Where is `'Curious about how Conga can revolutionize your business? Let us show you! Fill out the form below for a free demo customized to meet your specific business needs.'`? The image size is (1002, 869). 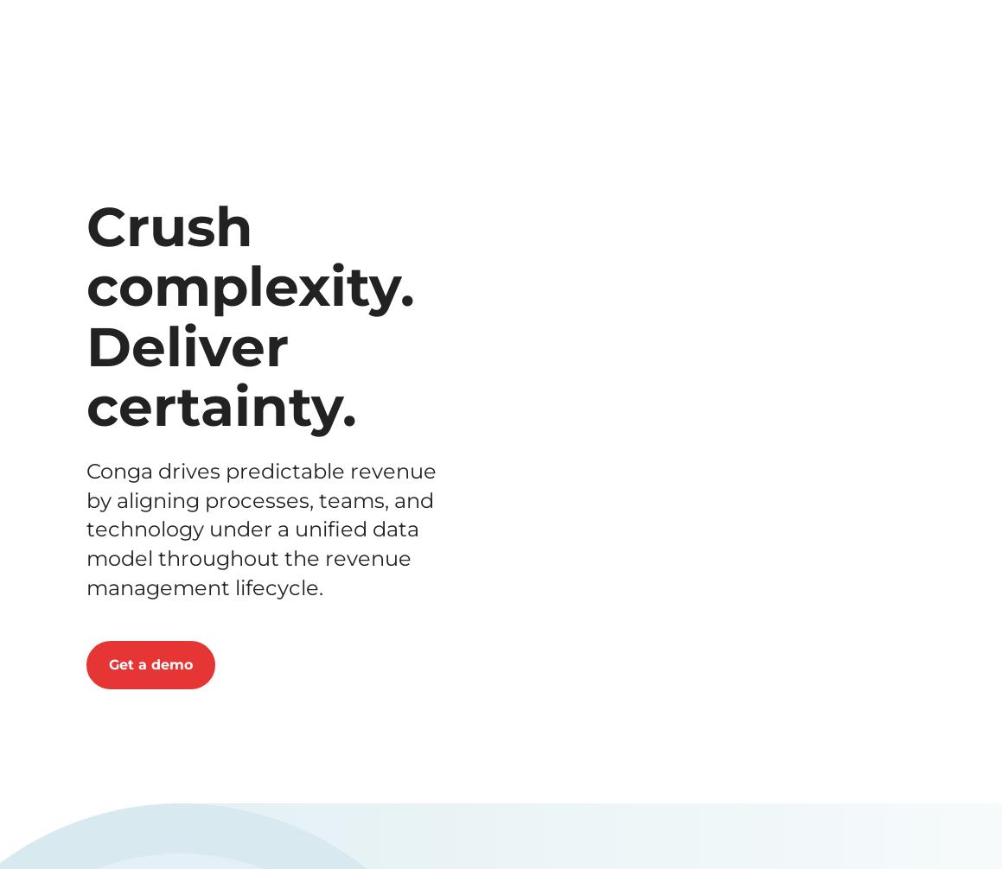
'Curious about how Conga can revolutionize your business? Let us show you! Fill out the form below for a free demo customized to meet your specific business needs.' is located at coordinates (500, 174).